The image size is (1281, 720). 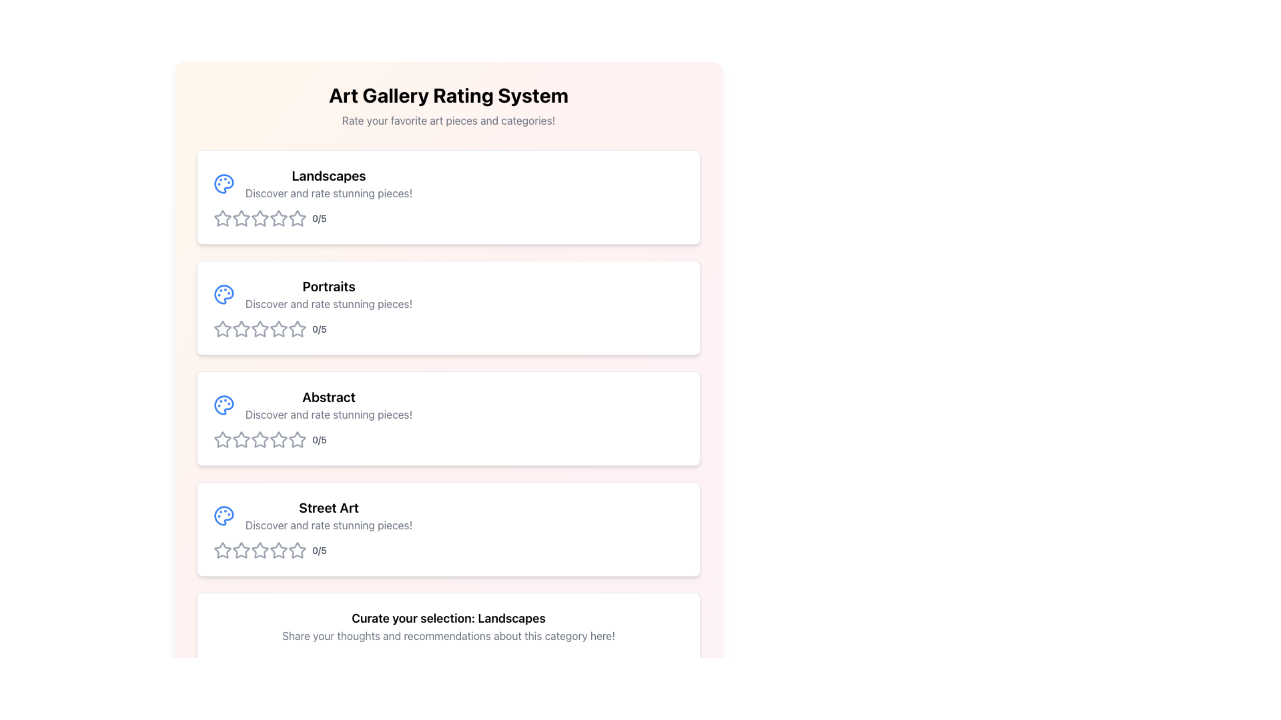 What do you see at coordinates (448, 197) in the screenshot?
I see `the Interactive rating module for the 'Landscapes' category, which is the first module in the 'Art Gallery Rating System' section` at bounding box center [448, 197].